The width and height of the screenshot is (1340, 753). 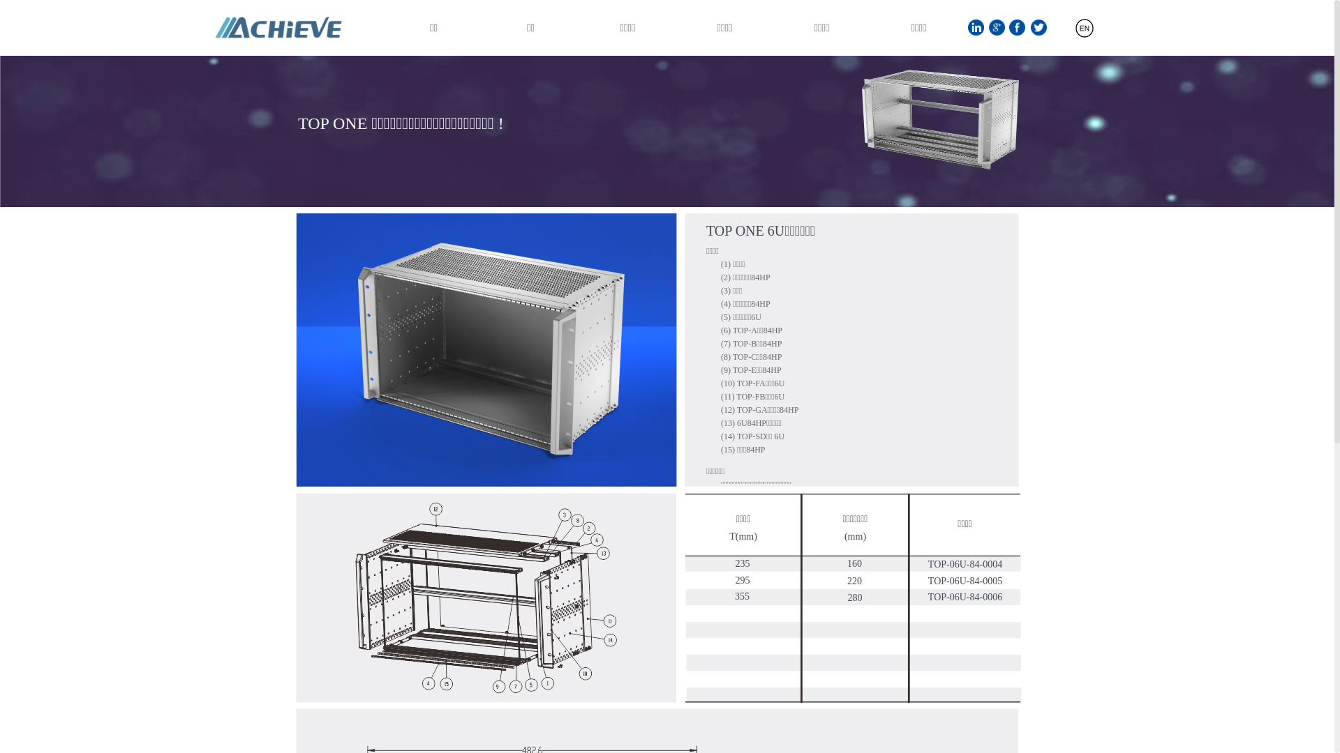 What do you see at coordinates (207, 27) in the screenshot?
I see `'logo'` at bounding box center [207, 27].